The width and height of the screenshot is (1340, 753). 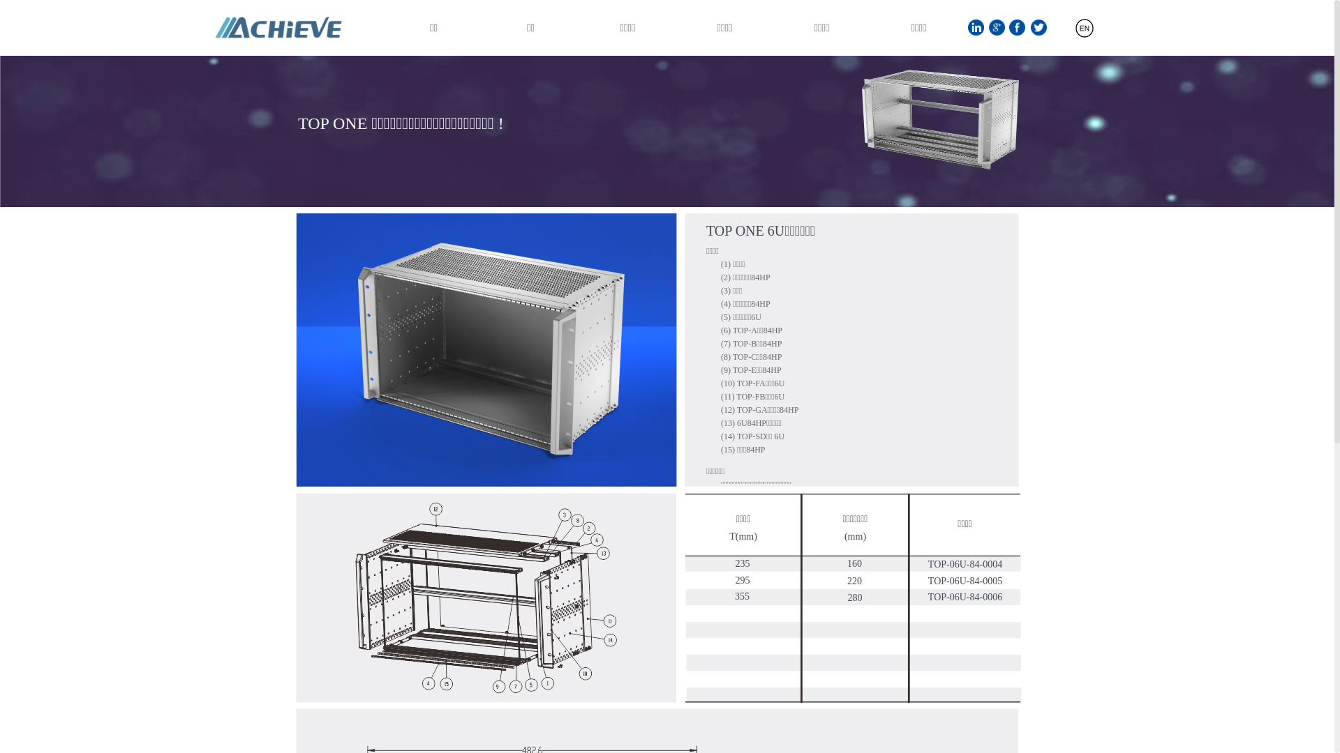 What do you see at coordinates (207, 27) in the screenshot?
I see `'logo'` at bounding box center [207, 27].